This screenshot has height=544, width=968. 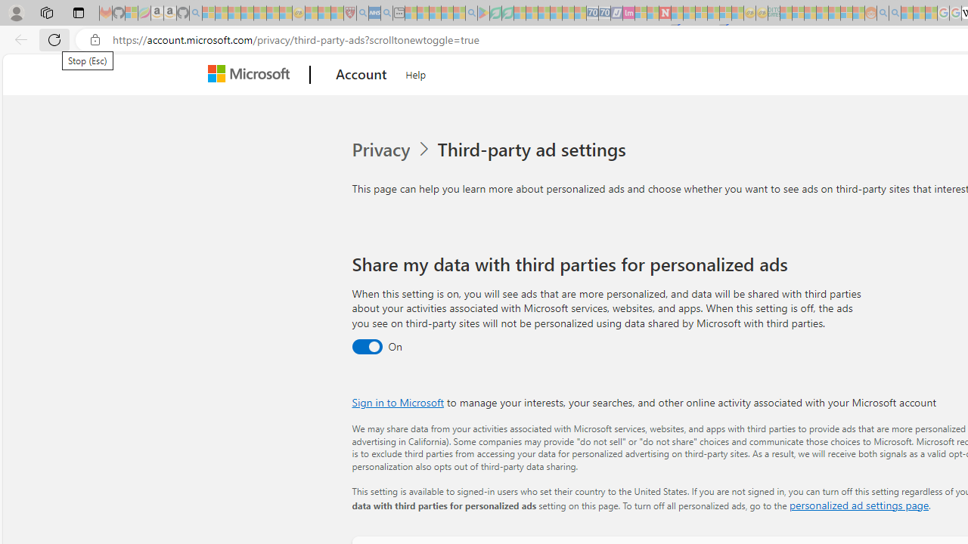 I want to click on 'Sign in to Microsoft', so click(x=398, y=401).